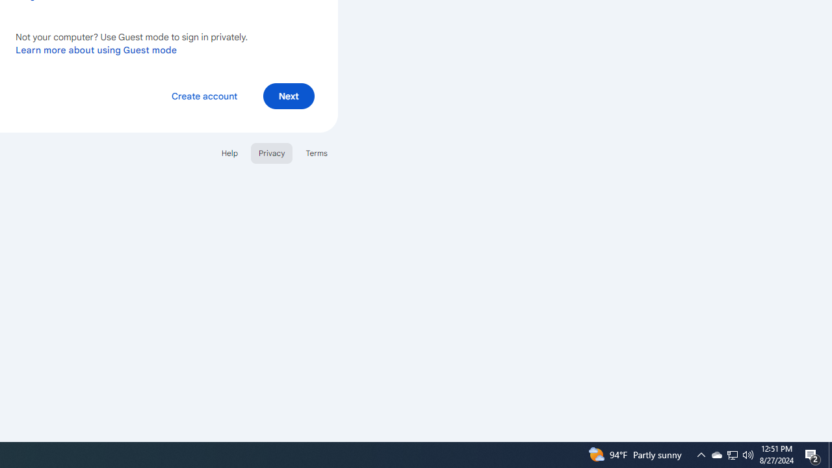  I want to click on 'Next', so click(288, 95).